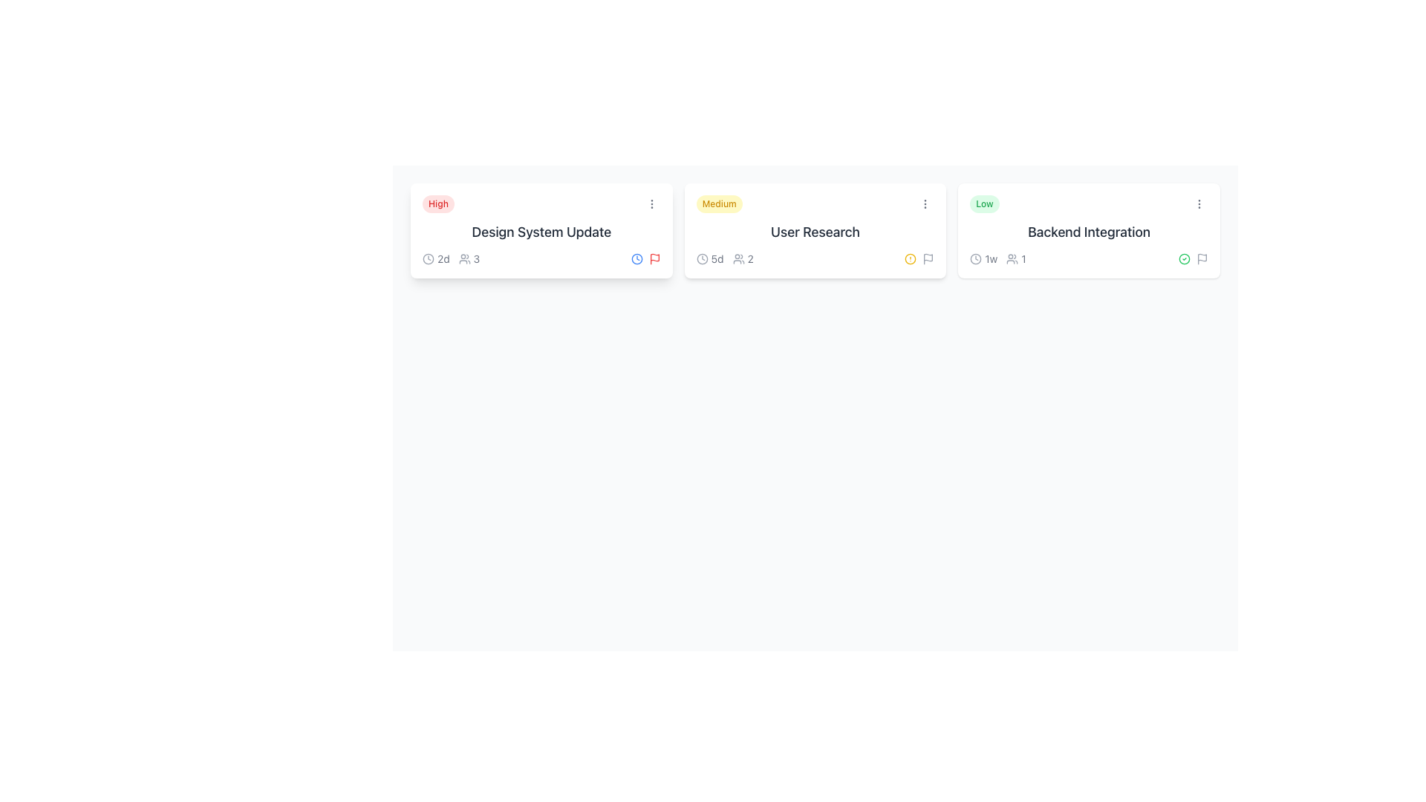 Image resolution: width=1426 pixels, height=802 pixels. Describe the element at coordinates (463, 258) in the screenshot. I see `the small human silhouette icon representing users associated with the 'Design System Update' task` at that location.